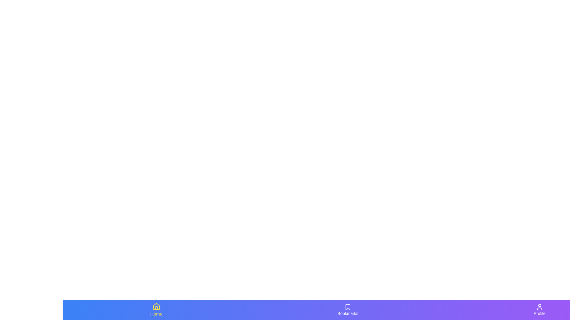 This screenshot has width=570, height=320. Describe the element at coordinates (348, 309) in the screenshot. I see `the Bookmarks tab in the bottom navigation bar to navigate to the corresponding section` at that location.